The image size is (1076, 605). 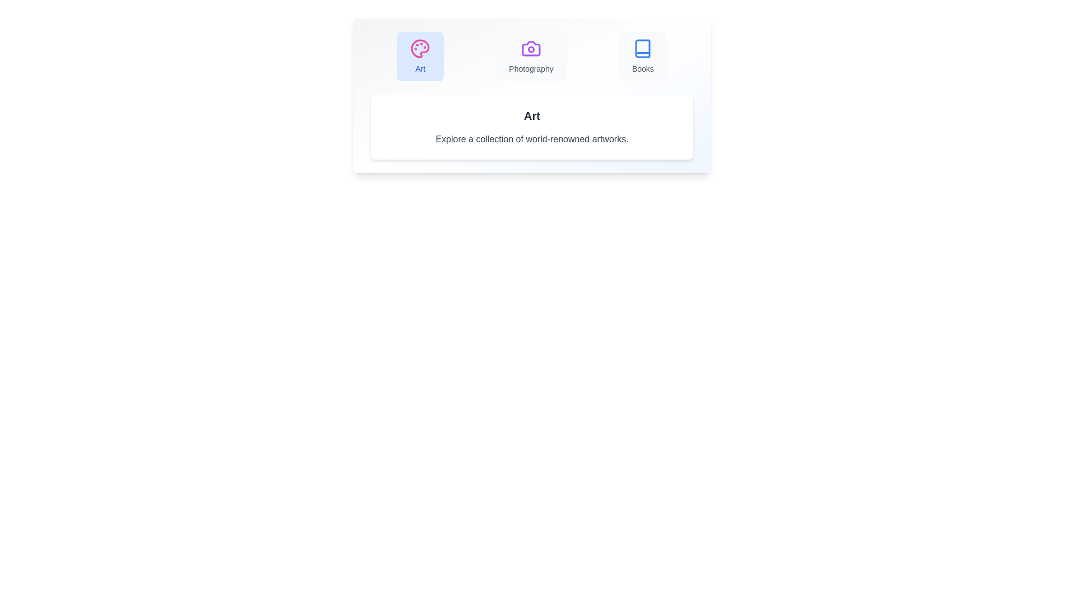 I want to click on the tab button labeled Books, so click(x=643, y=56).